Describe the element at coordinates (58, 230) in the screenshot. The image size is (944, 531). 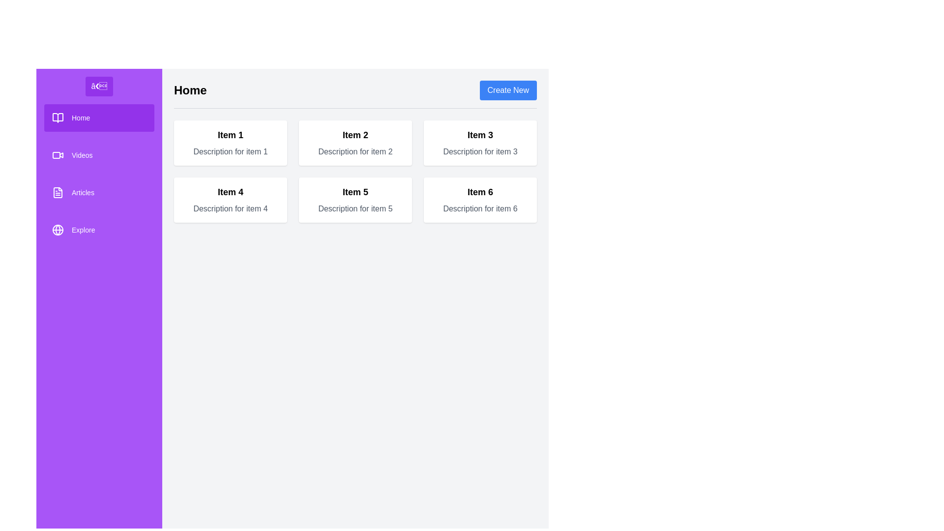
I see `the globe icon in the vertical navigation bar, labeled 'Explore'` at that location.